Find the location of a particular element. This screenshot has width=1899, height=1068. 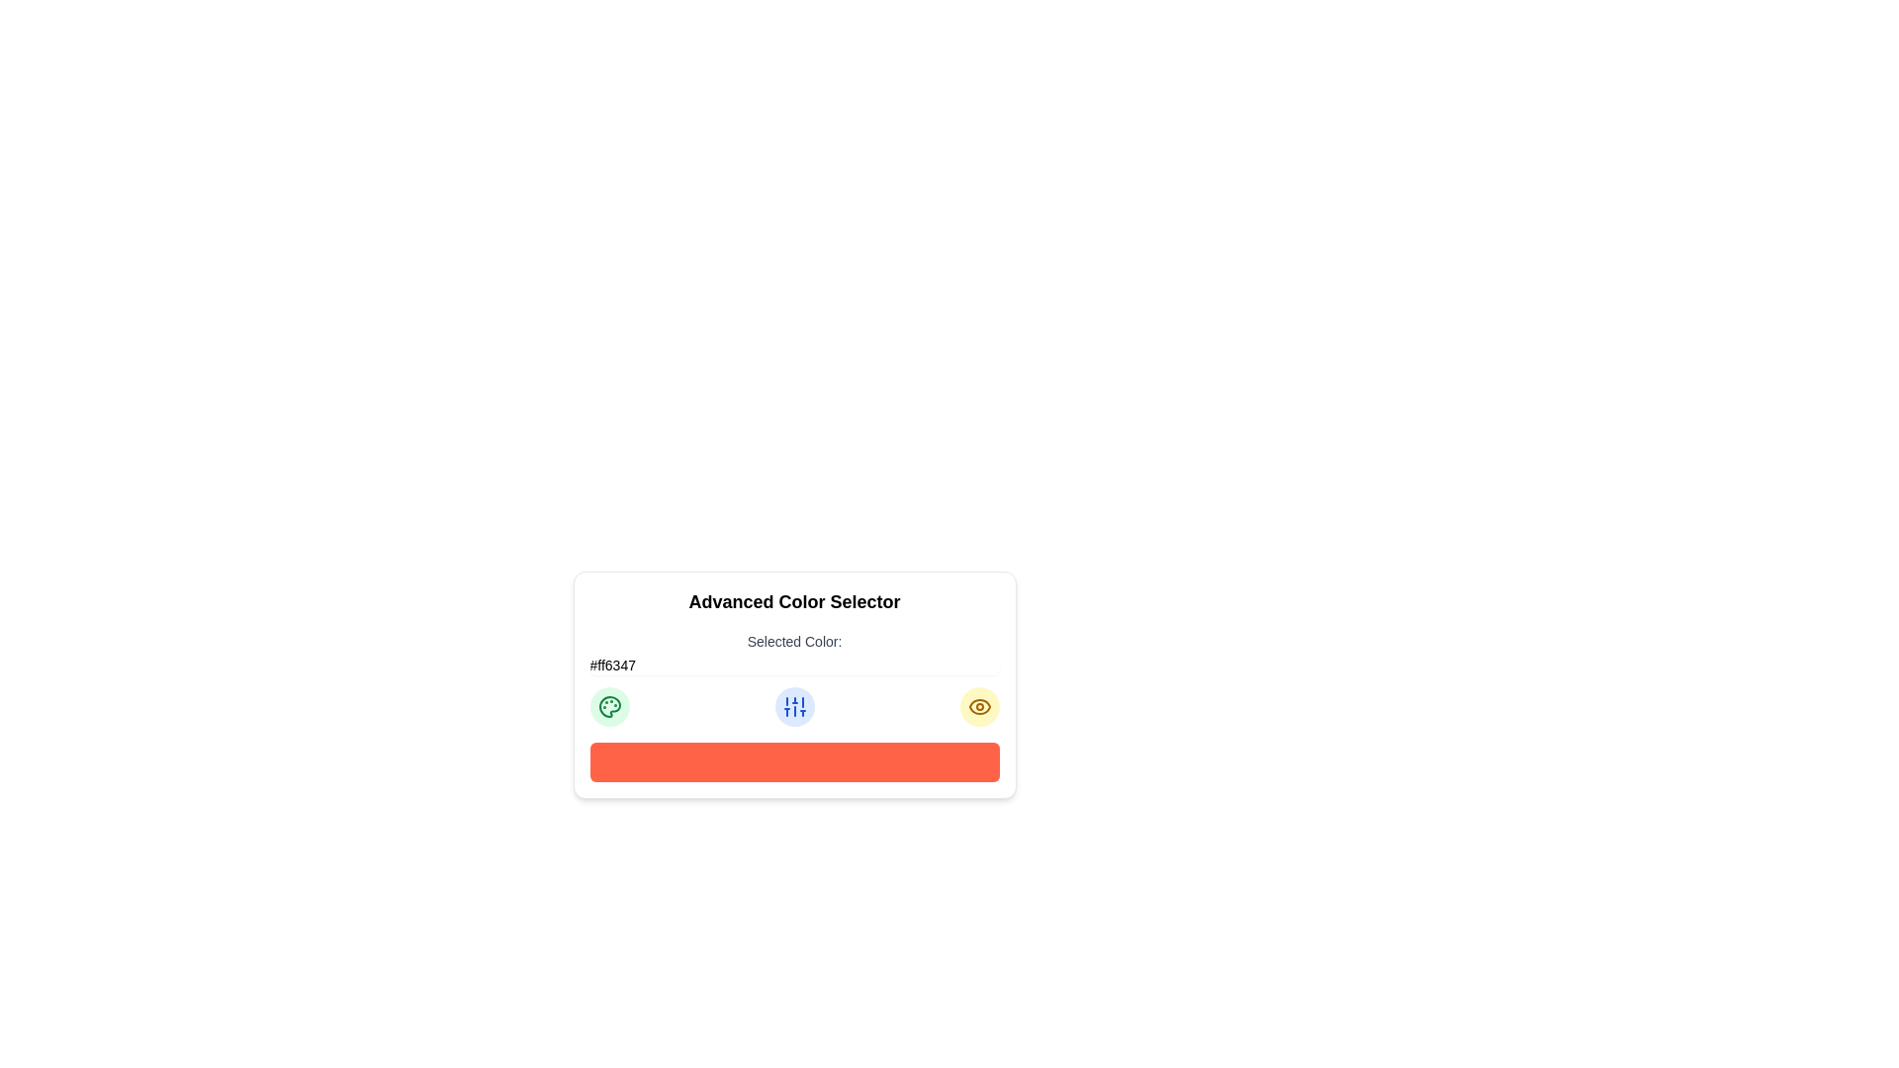

the rounded yellow button with an eye icon located beneath the text 'Selected Color:' is located at coordinates (979, 705).